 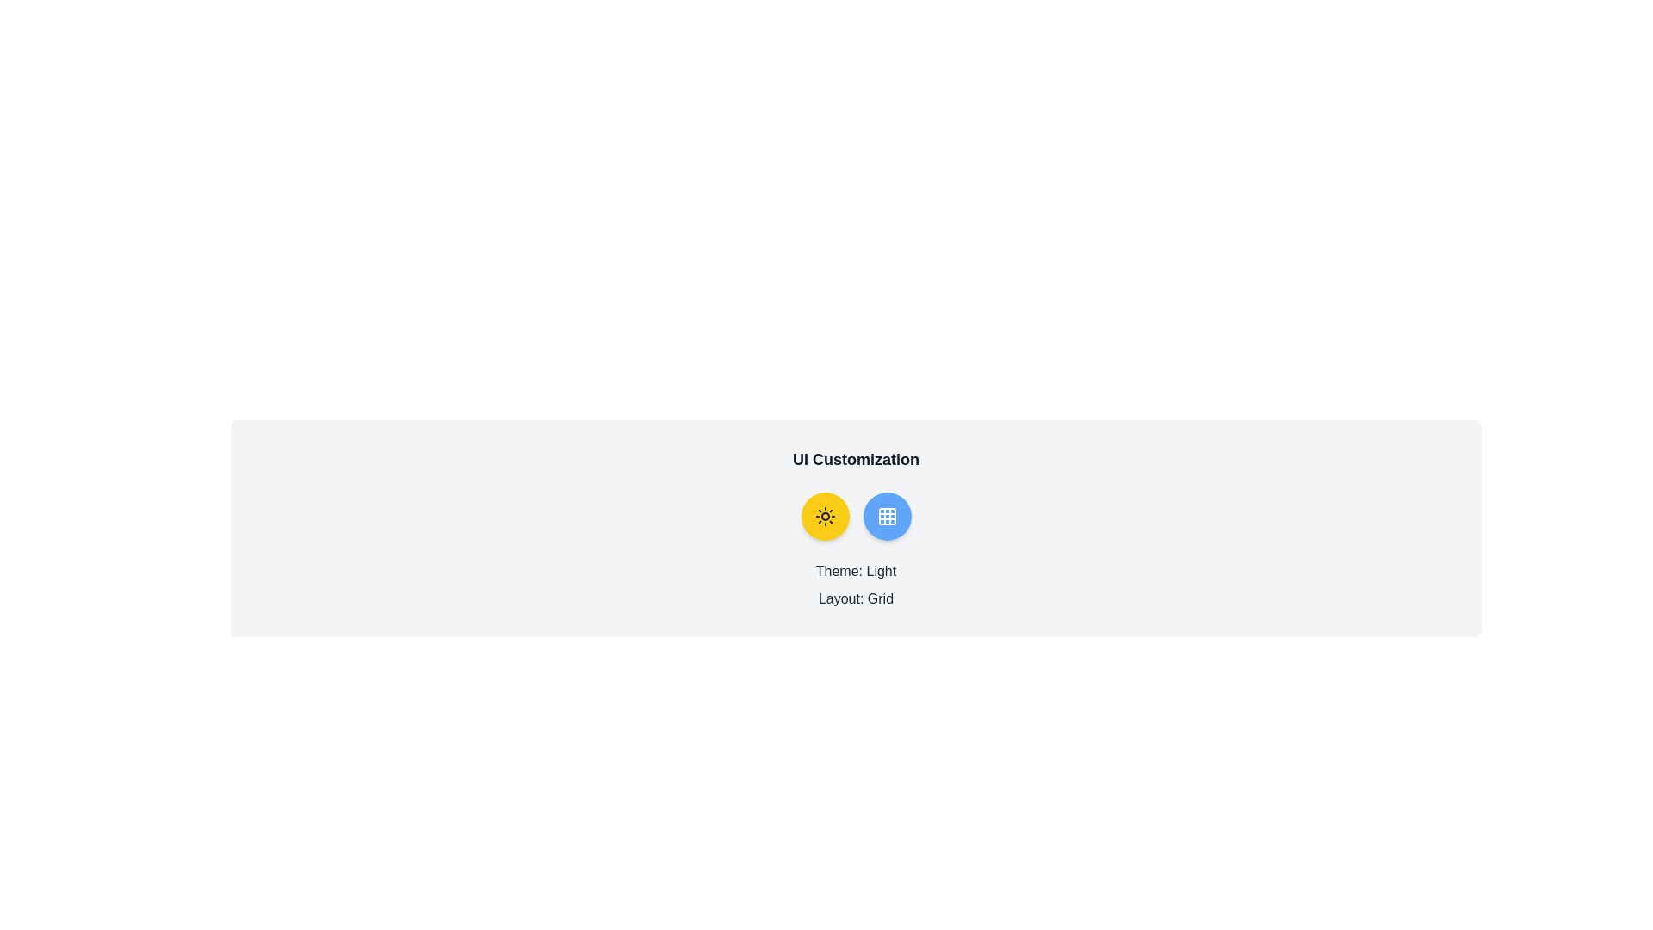 What do you see at coordinates (887, 516) in the screenshot?
I see `the non-interactive graphical element located at the center of the 3x3 grid icon used for UI customization settings` at bounding box center [887, 516].